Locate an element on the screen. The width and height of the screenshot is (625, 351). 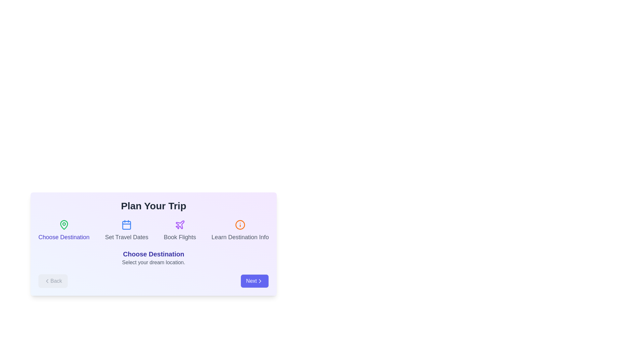
the calendar icon with a blue outline positioned directly above the 'Set Travel Dates' label is located at coordinates (127, 224).